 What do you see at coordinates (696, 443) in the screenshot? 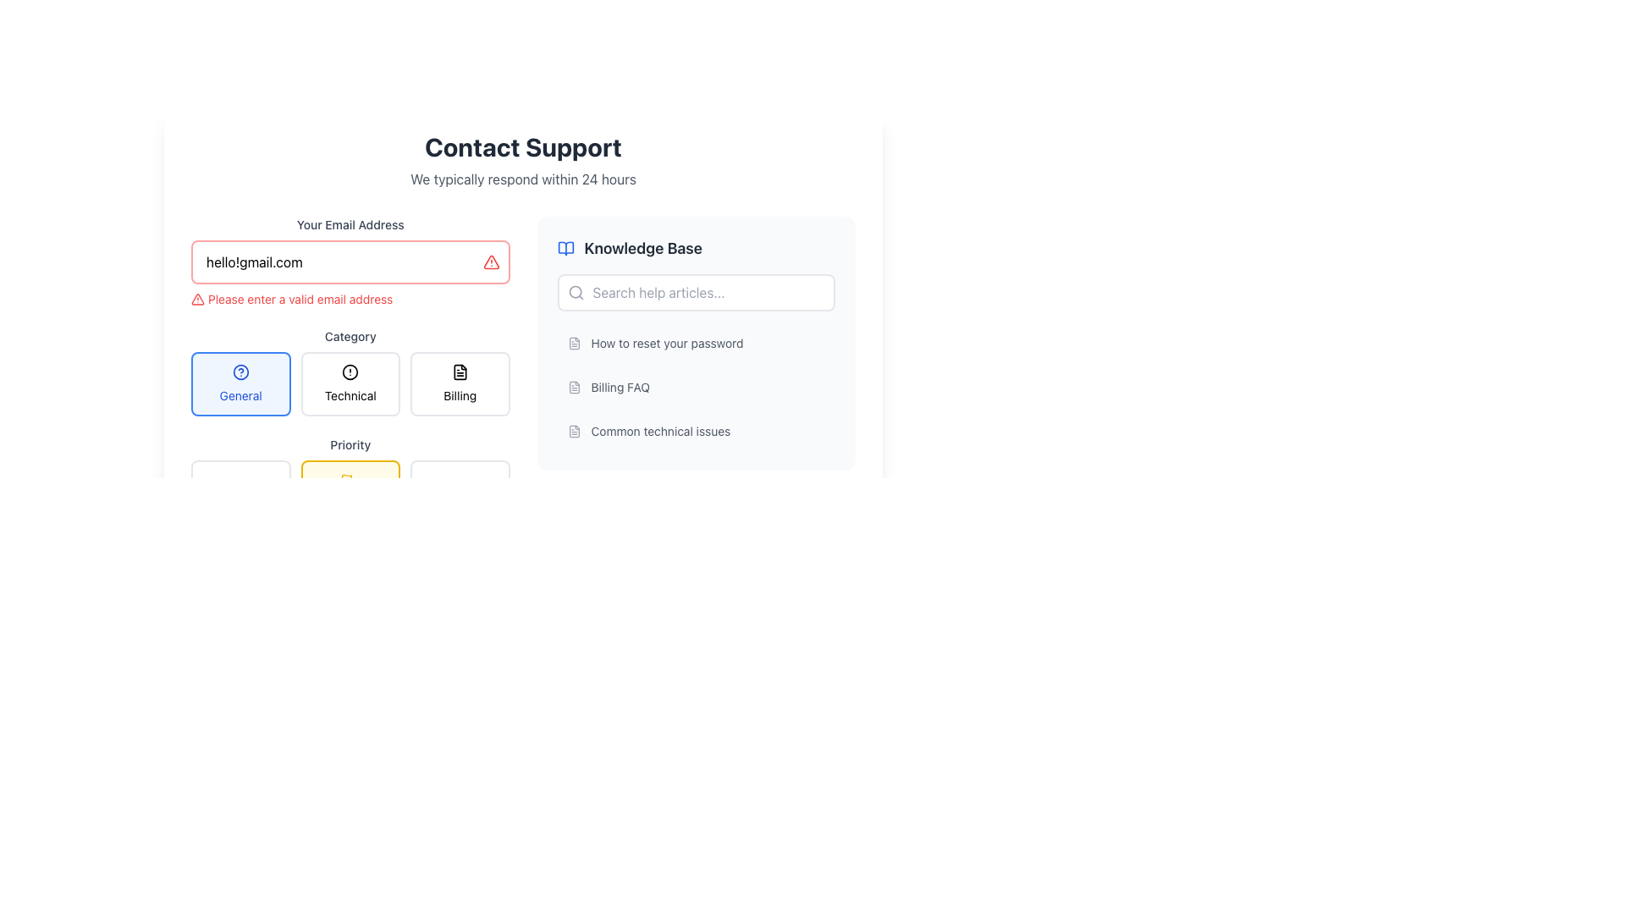
I see `the third clickable item labeled 'Common technical issues' in the 'Knowledge Base' section` at bounding box center [696, 443].